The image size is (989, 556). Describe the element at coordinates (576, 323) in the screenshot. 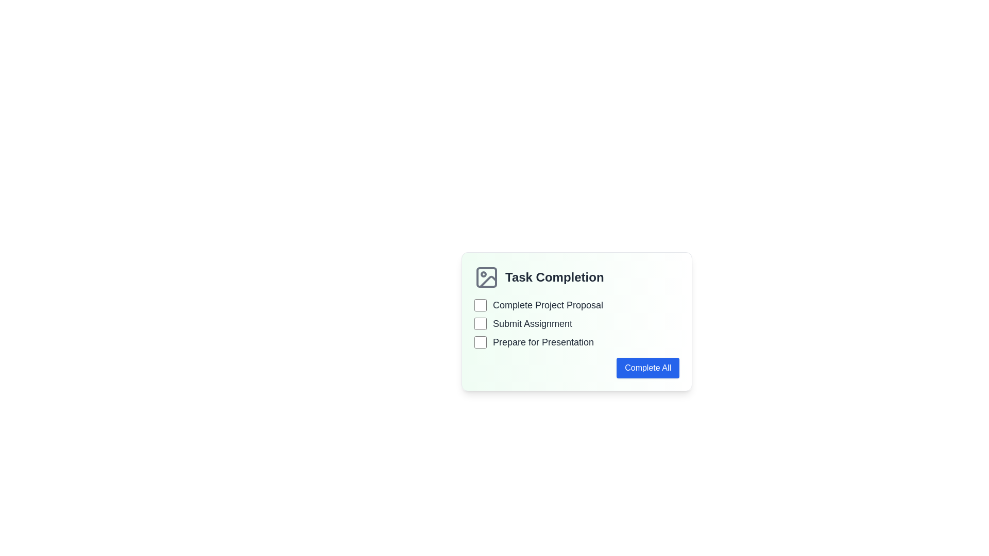

I see `the checkbox for the 'Submit Assignment' task` at that location.